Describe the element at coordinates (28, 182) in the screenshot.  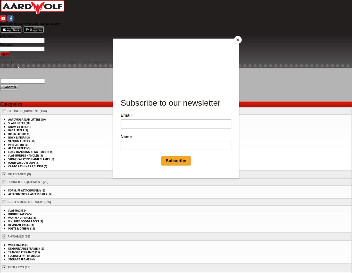
I see `'FORKLIFT EQUIPMENT (28)'` at that location.